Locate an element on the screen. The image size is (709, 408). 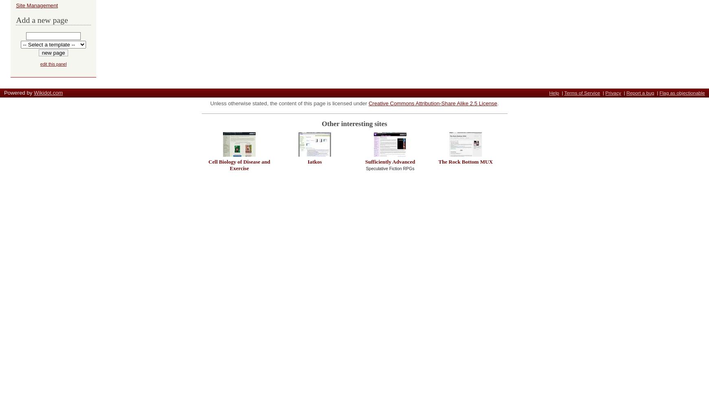
'Other interesting sites' is located at coordinates (353, 123).